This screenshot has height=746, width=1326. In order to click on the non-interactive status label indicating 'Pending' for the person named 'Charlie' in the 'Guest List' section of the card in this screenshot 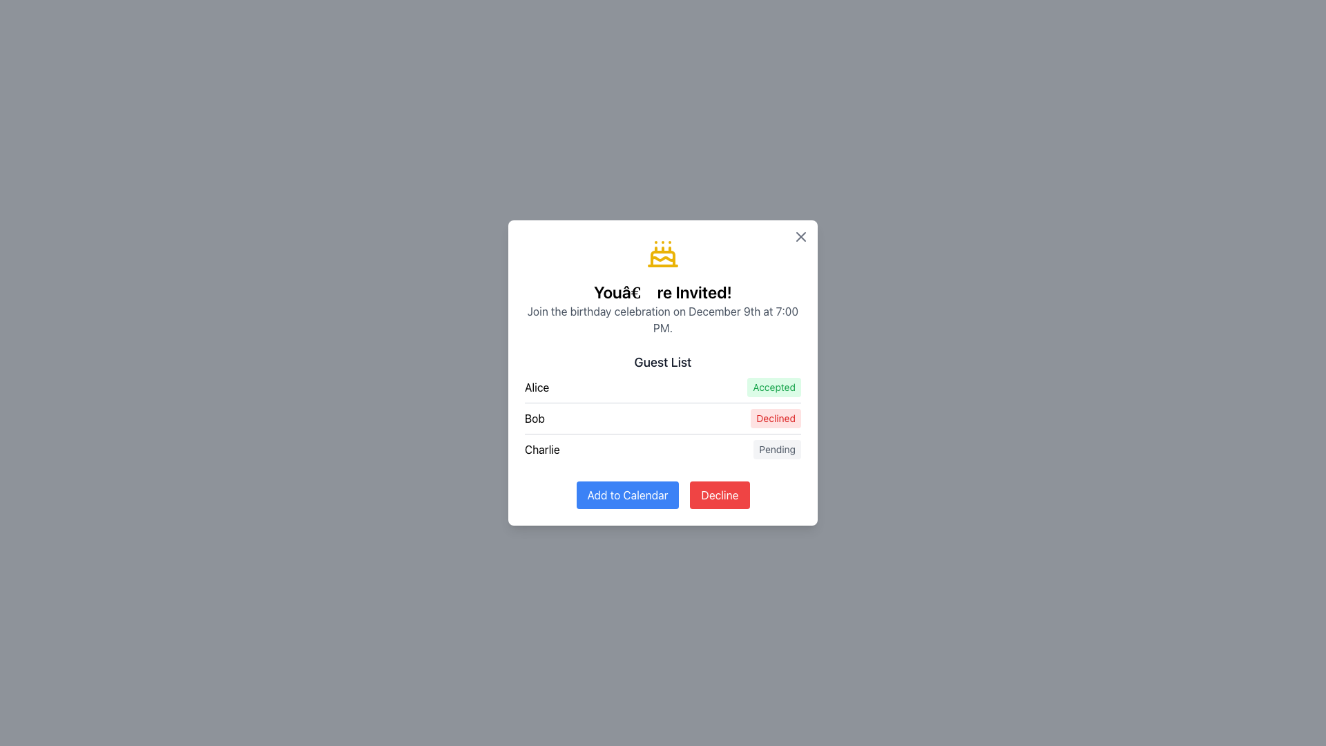, I will do `click(777, 450)`.